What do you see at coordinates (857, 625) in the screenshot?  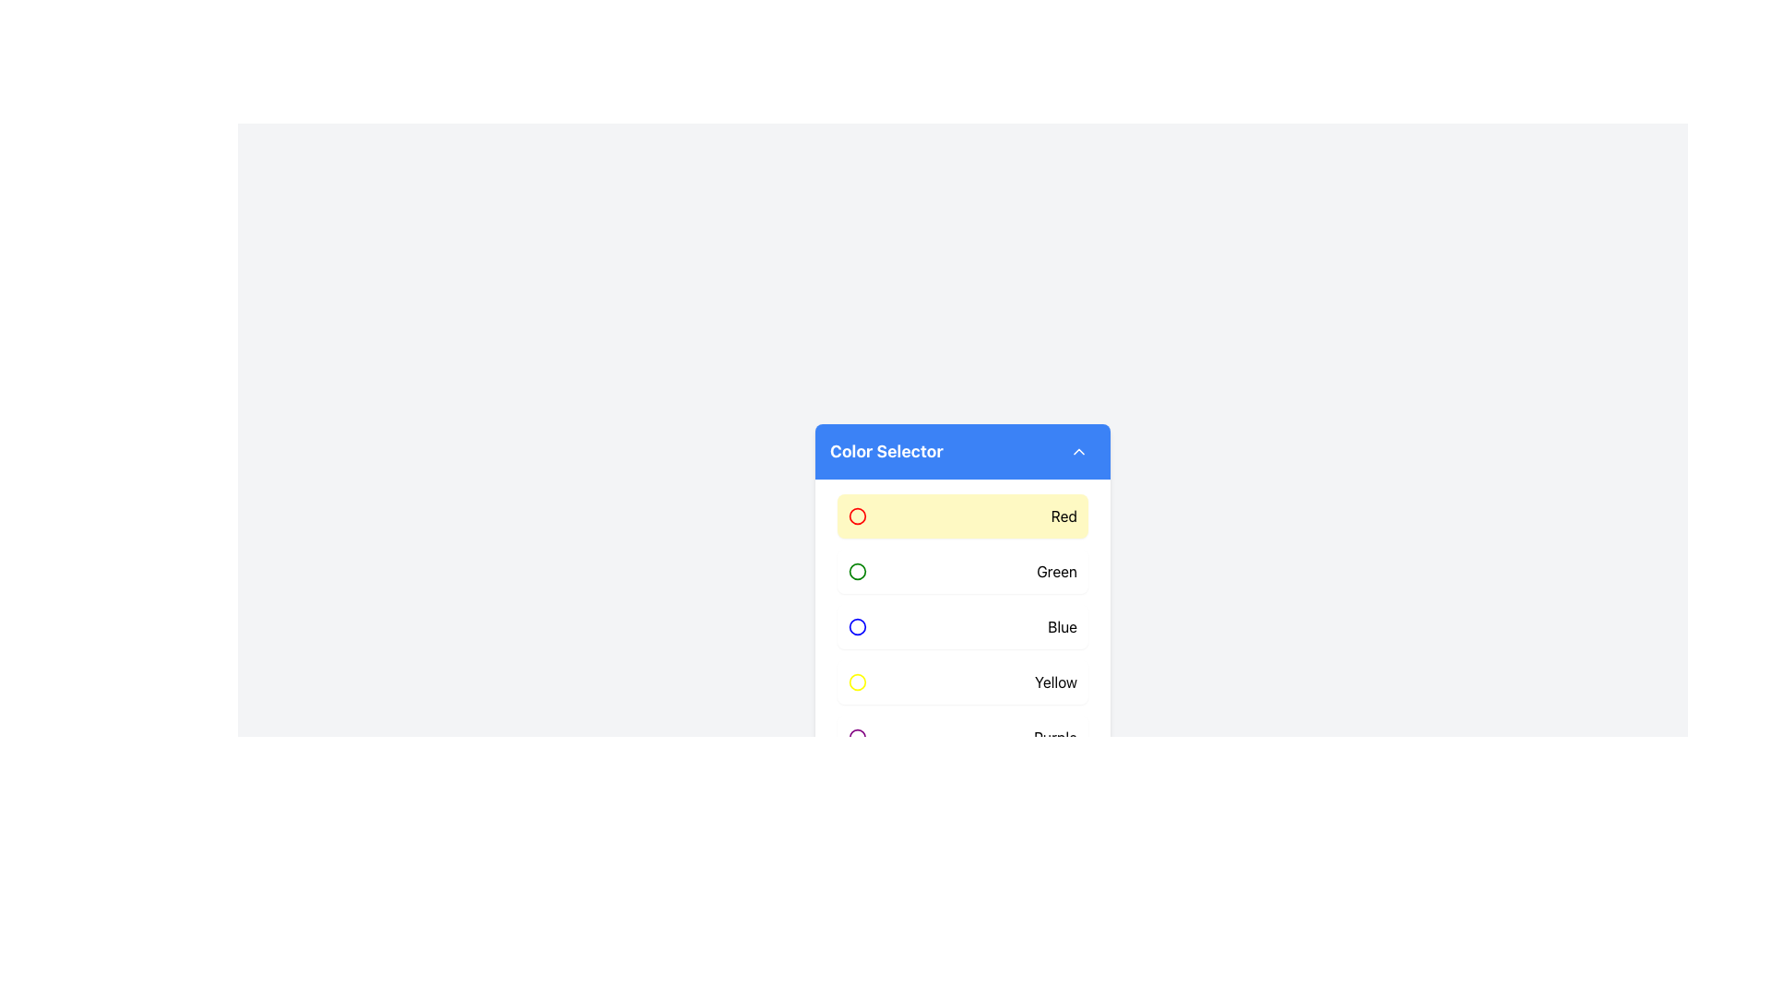 I see `the blue color icon located in the blue row, adjacent to the blue text label` at bounding box center [857, 625].